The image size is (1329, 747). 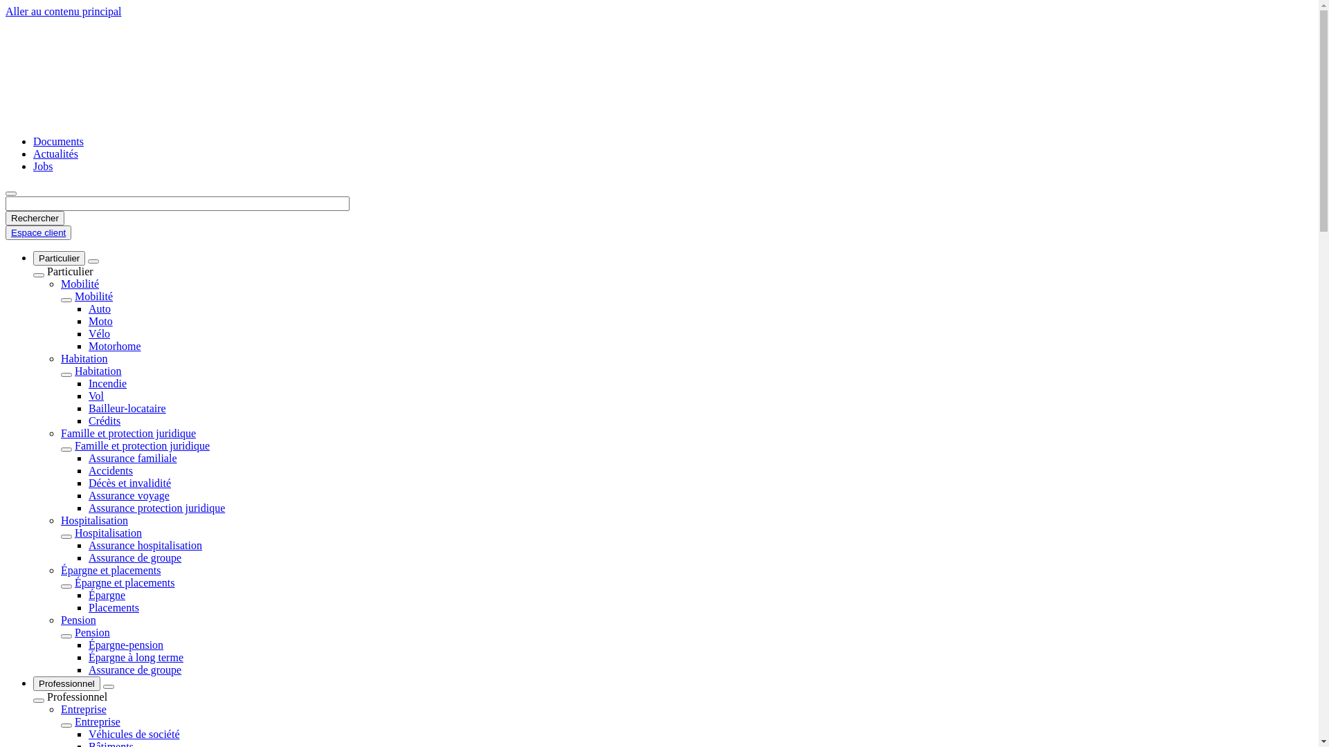 I want to click on 'Particulier', so click(x=58, y=258).